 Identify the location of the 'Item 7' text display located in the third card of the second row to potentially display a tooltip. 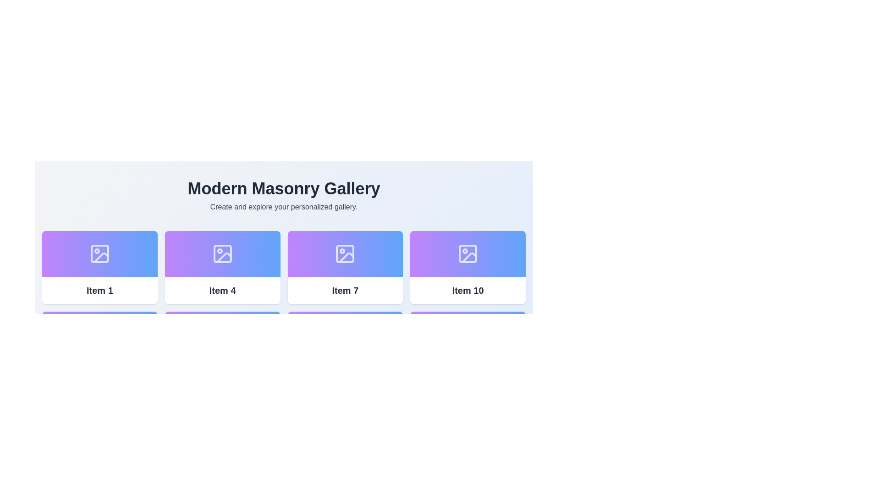
(345, 290).